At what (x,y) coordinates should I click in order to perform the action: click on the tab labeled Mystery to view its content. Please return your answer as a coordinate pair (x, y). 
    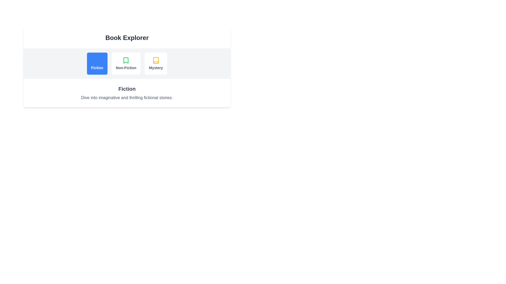
    Looking at the image, I should click on (155, 63).